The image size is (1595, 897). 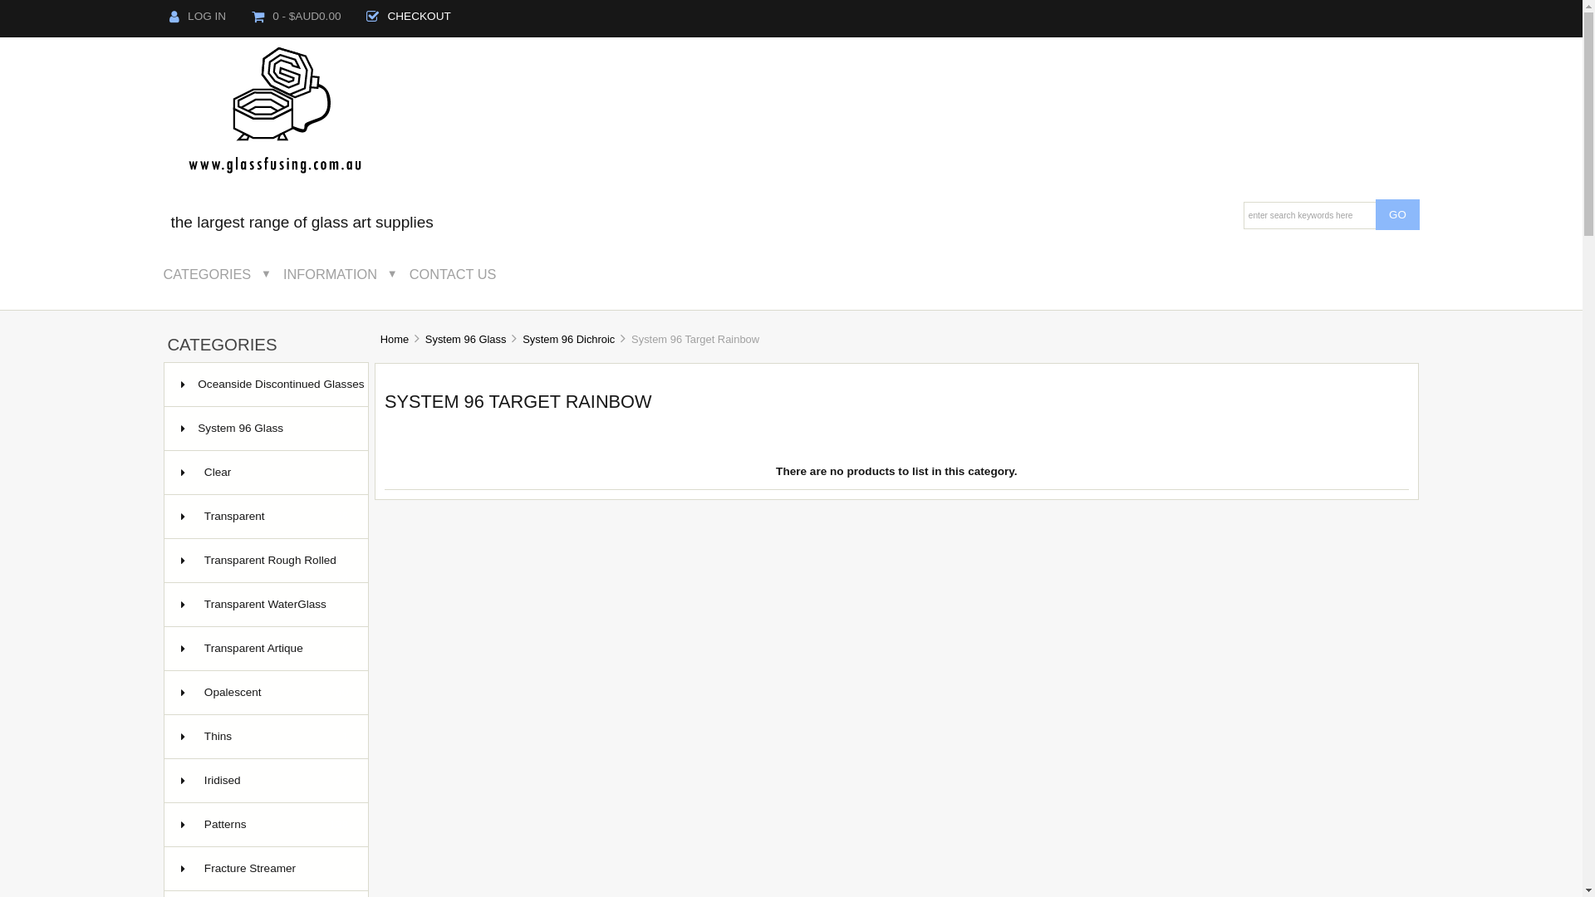 I want to click on 'CHECKOUT', so click(x=409, y=16).